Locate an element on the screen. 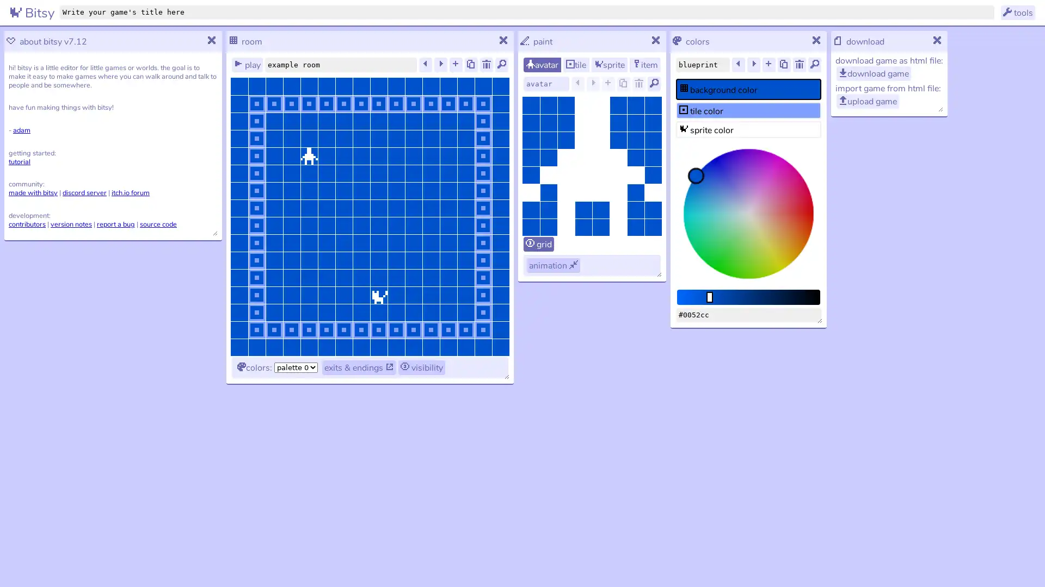  add new color palette is located at coordinates (768, 65).